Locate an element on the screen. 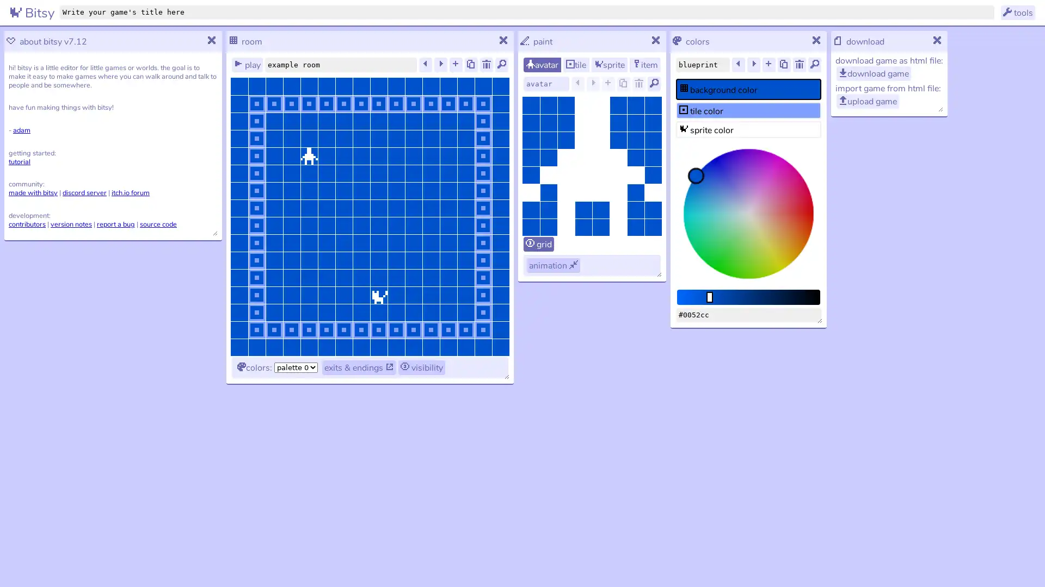  add new color palette is located at coordinates (768, 65).